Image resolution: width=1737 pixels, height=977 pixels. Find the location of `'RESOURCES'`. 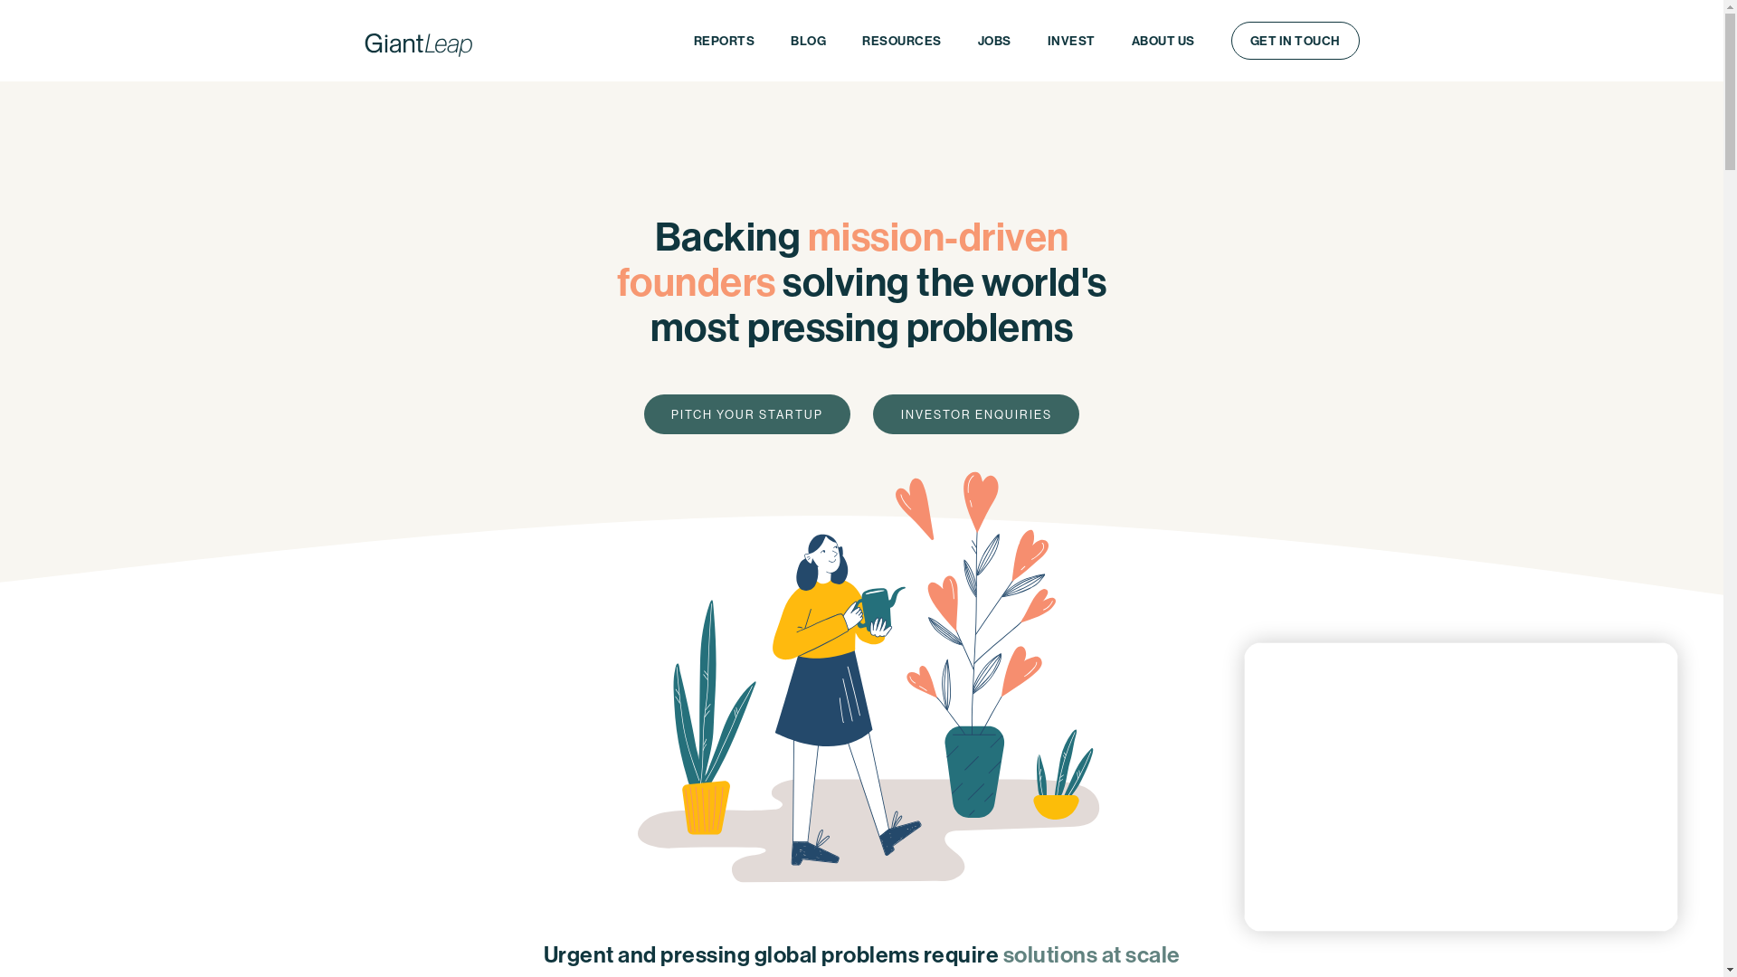

'RESOURCES' is located at coordinates (902, 41).